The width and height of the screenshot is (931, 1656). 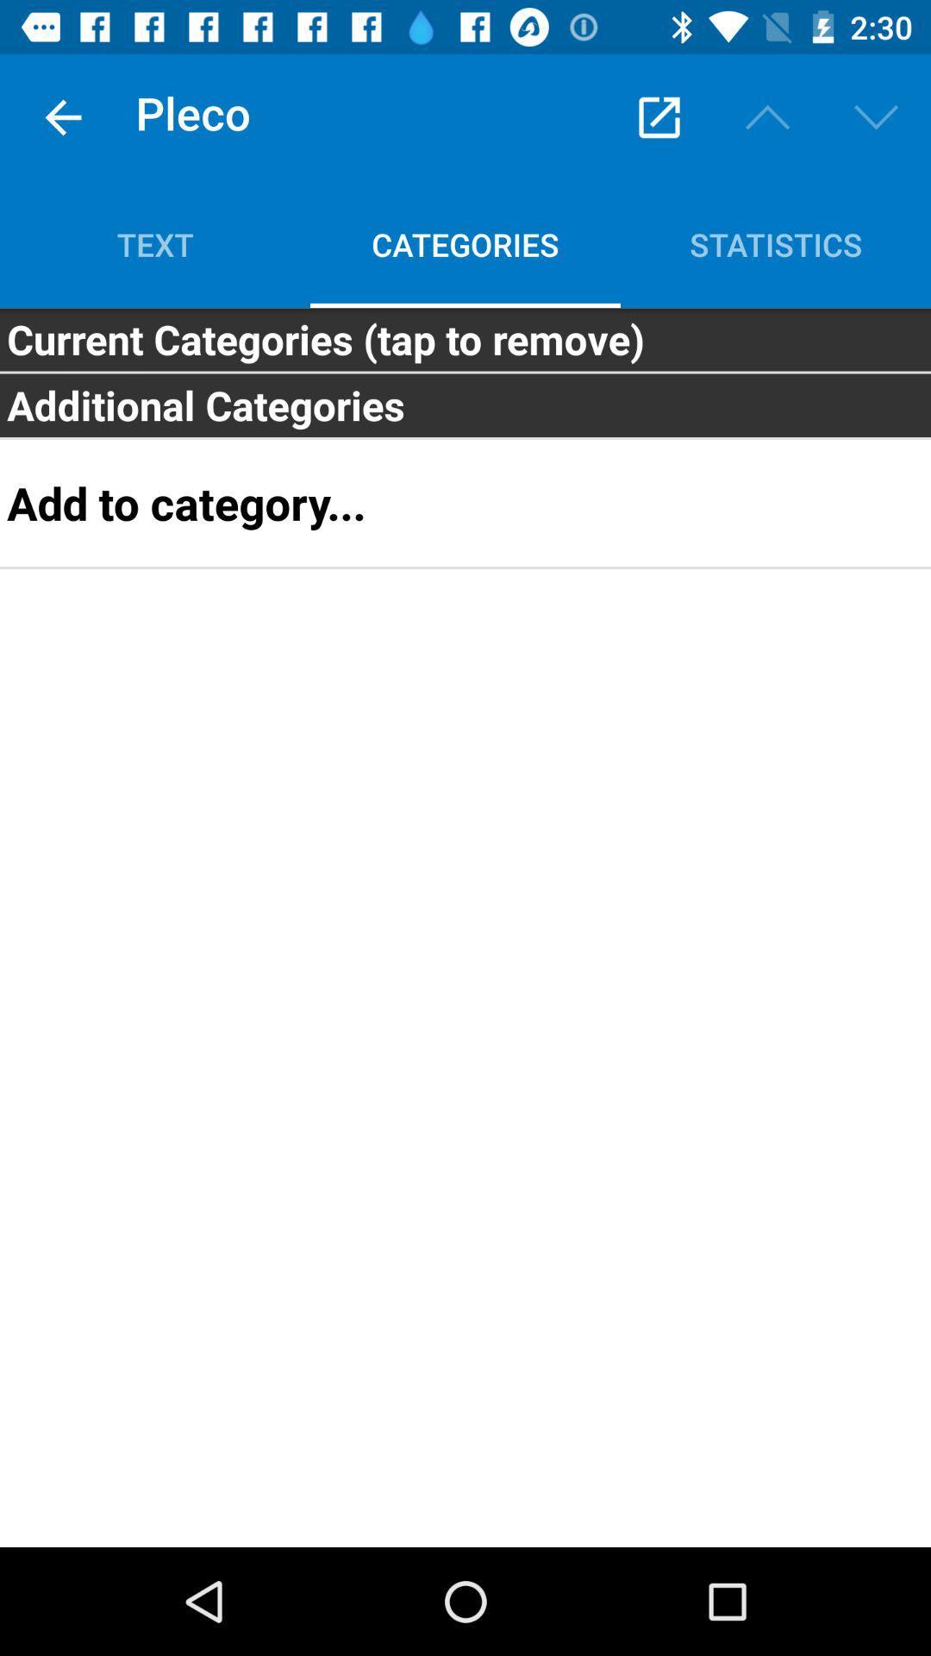 What do you see at coordinates (62, 116) in the screenshot?
I see `item to the left of the pleco item` at bounding box center [62, 116].